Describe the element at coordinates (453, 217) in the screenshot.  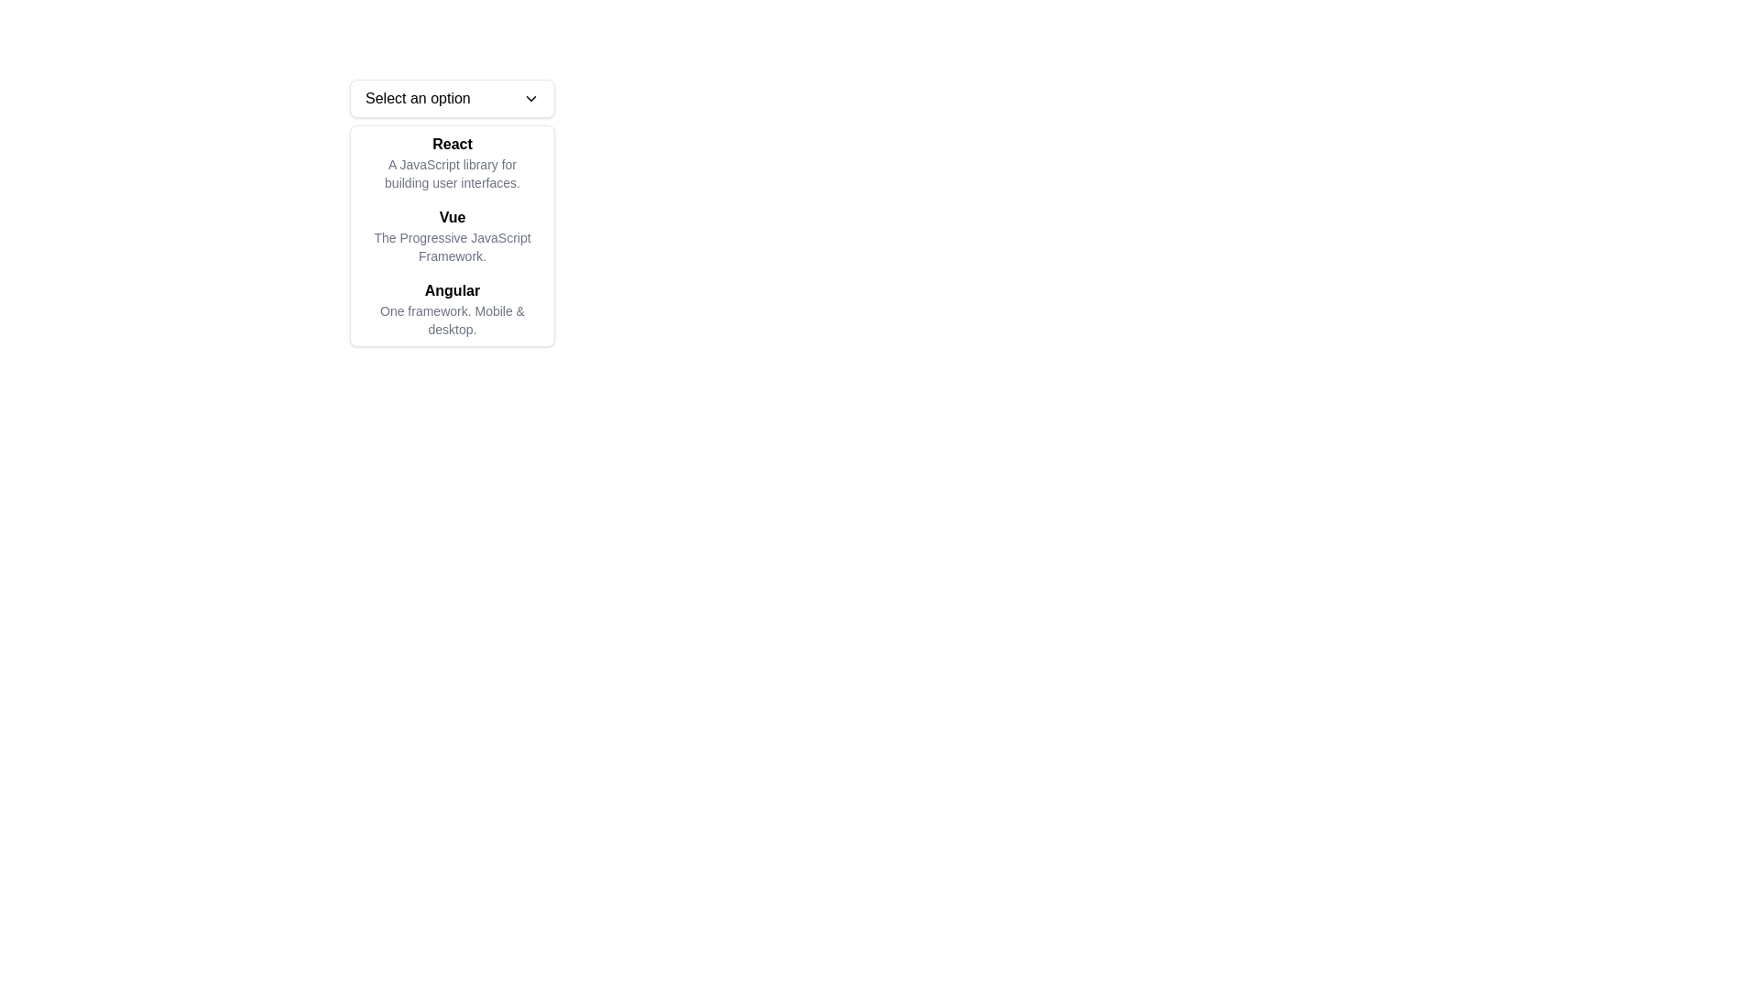
I see `the Text label which serves as a title for the selected framework description in the dropdown menu, located between the dropdown title 'Select an option' and the description text 'The Progressive JavaScript Framework.'` at that location.